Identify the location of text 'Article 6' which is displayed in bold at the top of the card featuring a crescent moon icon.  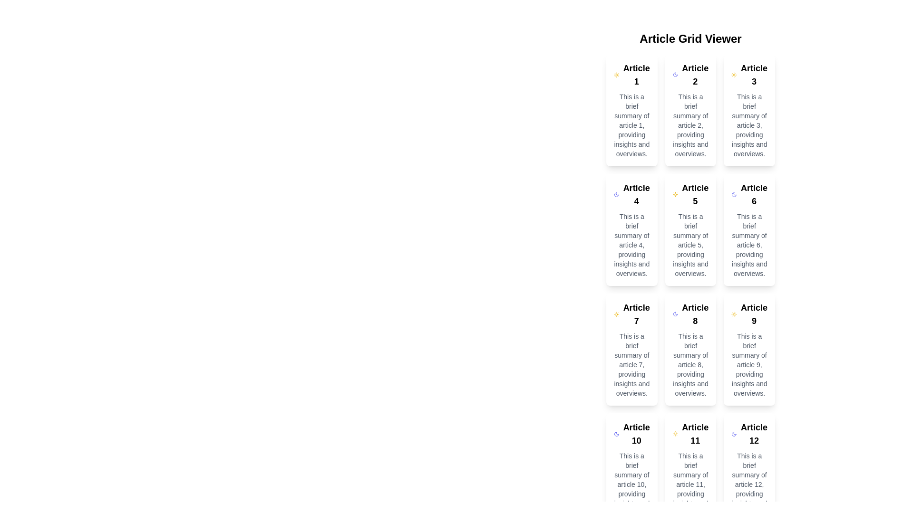
(749, 194).